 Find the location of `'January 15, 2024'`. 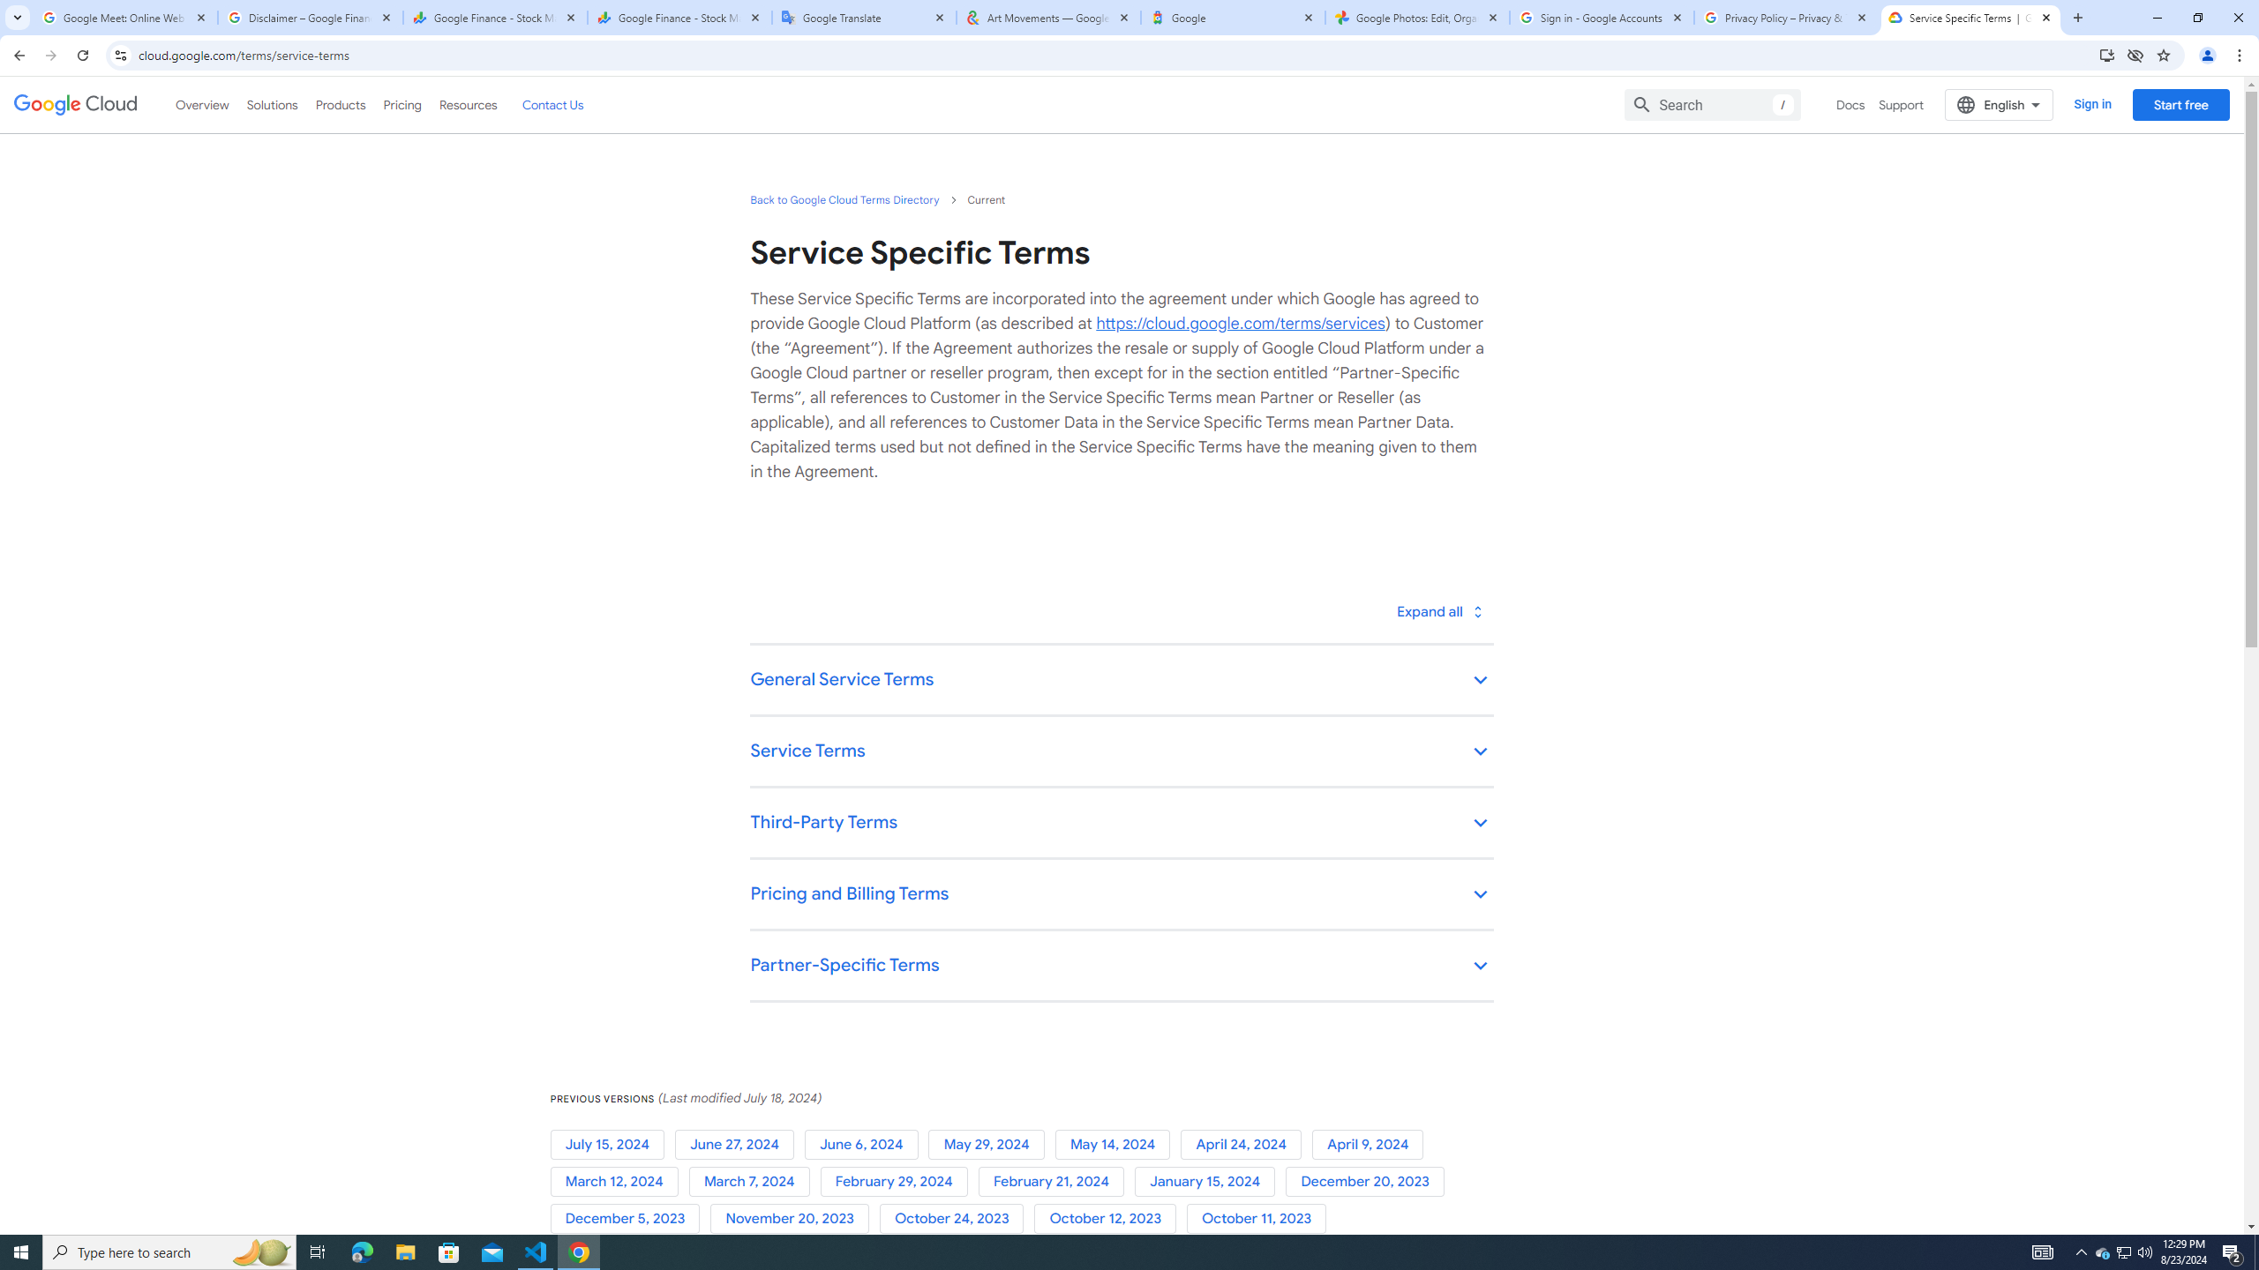

'January 15, 2024' is located at coordinates (1210, 1180).